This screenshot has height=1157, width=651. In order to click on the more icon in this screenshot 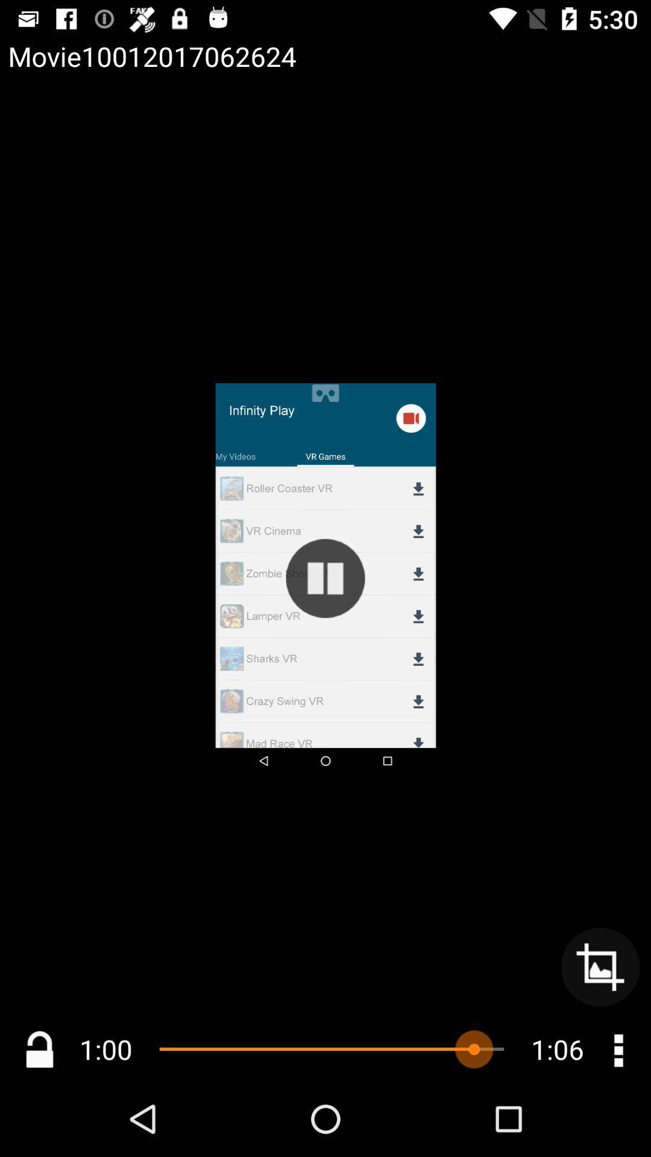, I will do `click(617, 1049)`.